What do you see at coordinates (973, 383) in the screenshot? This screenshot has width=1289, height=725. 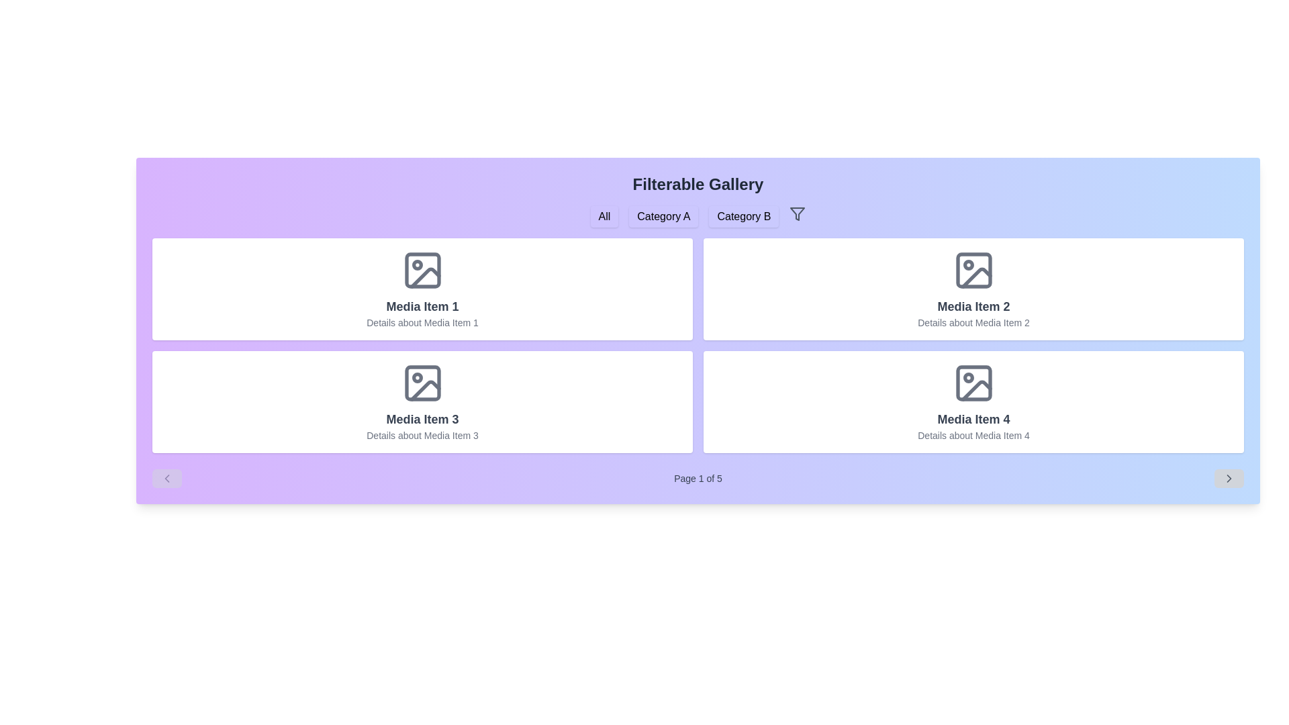 I see `the small gray rectangular icon with rounded corners that represents a media image, located within the 'Media Item 4' card in the lower-right section of the grid layout` at bounding box center [973, 383].